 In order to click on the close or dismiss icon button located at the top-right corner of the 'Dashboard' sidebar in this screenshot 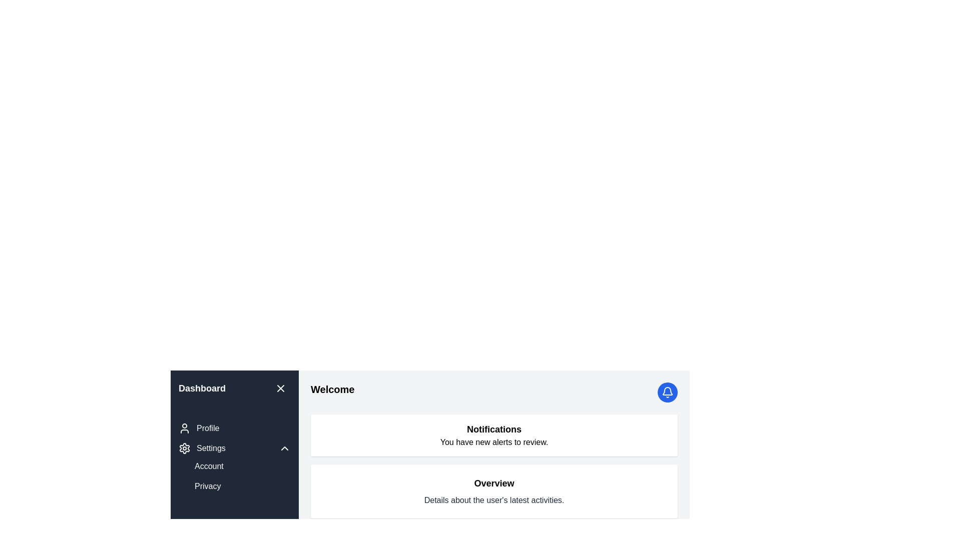, I will do `click(280, 387)`.